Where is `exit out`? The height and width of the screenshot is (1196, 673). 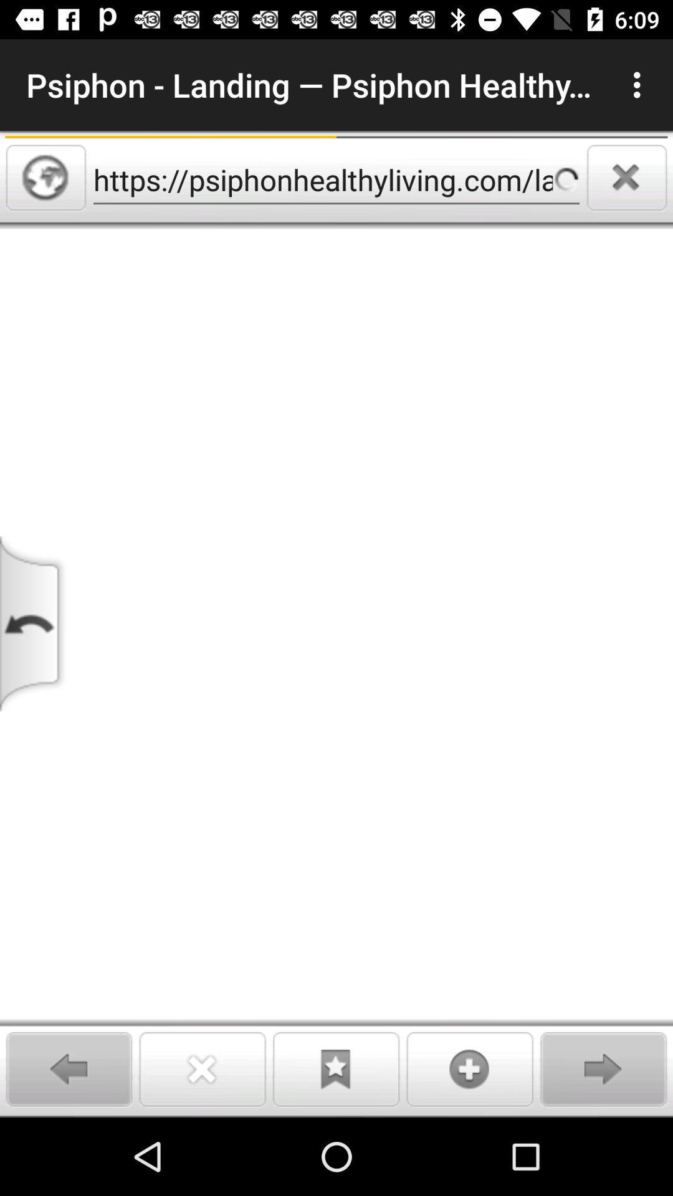 exit out is located at coordinates (627, 177).